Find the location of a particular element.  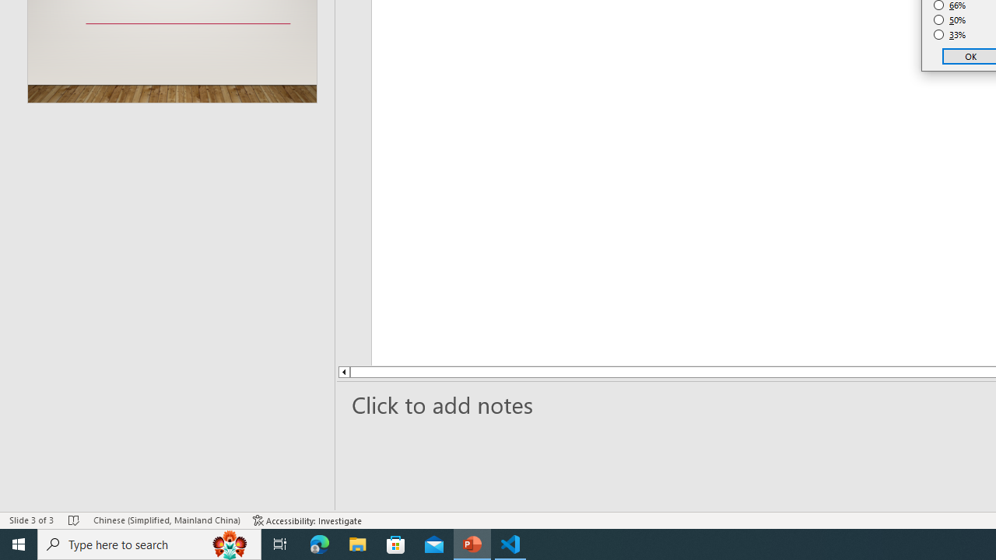

'Microsoft Store' is located at coordinates (396, 543).